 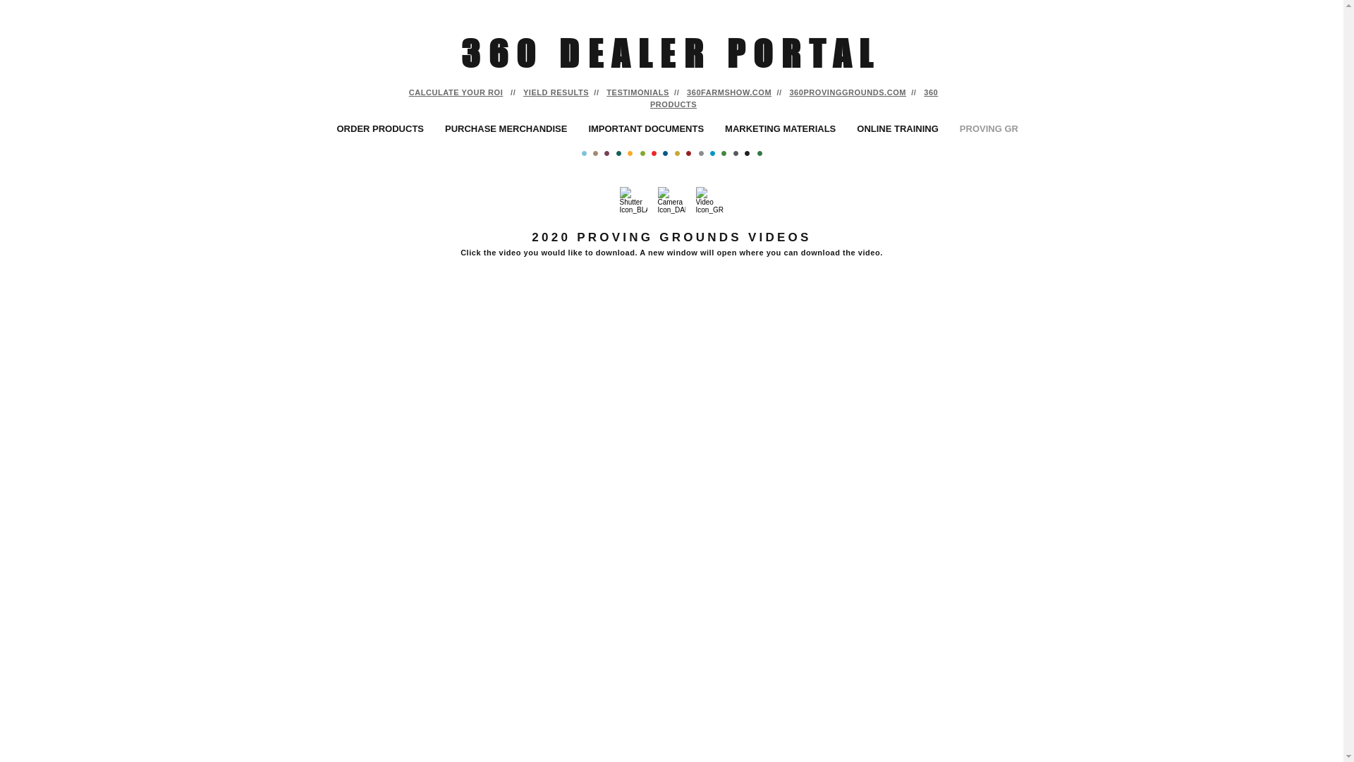 What do you see at coordinates (779, 128) in the screenshot?
I see `'MARKETING MATERIALS'` at bounding box center [779, 128].